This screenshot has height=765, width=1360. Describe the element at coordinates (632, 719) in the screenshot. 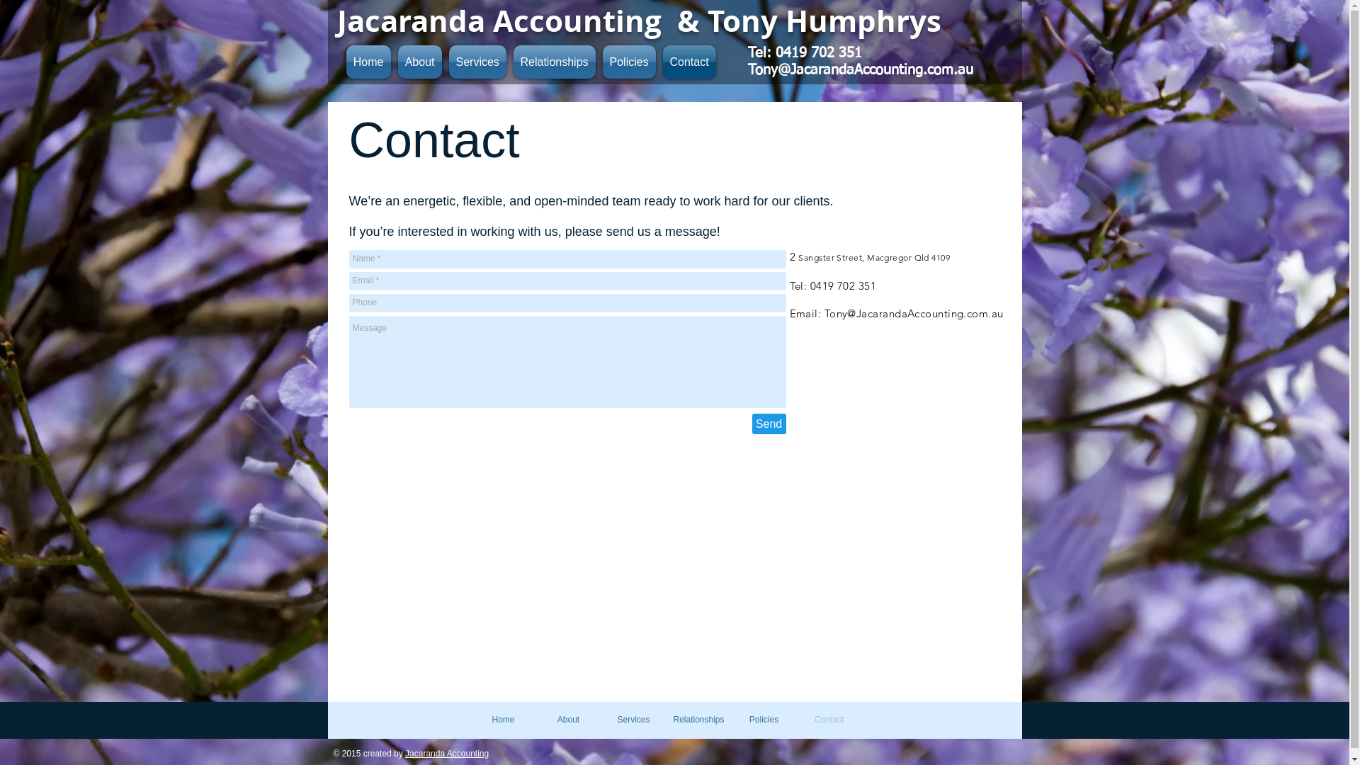

I see `'Services'` at that location.